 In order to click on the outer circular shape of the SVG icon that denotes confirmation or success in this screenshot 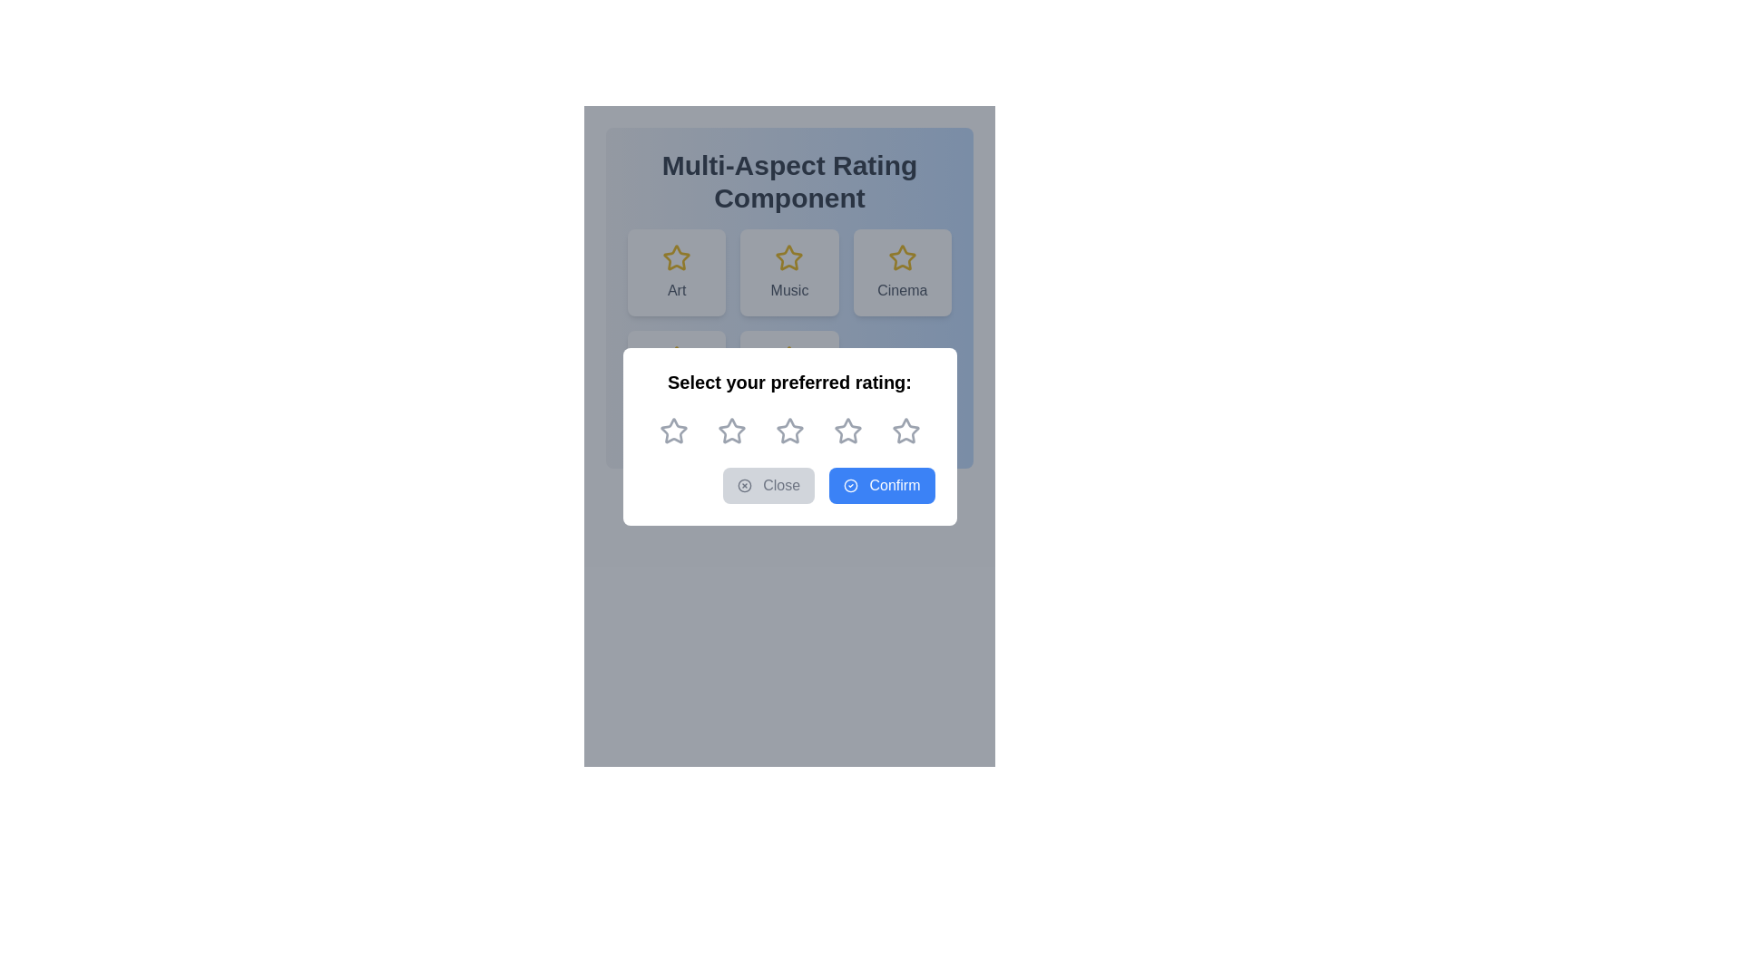, I will do `click(850, 485)`.